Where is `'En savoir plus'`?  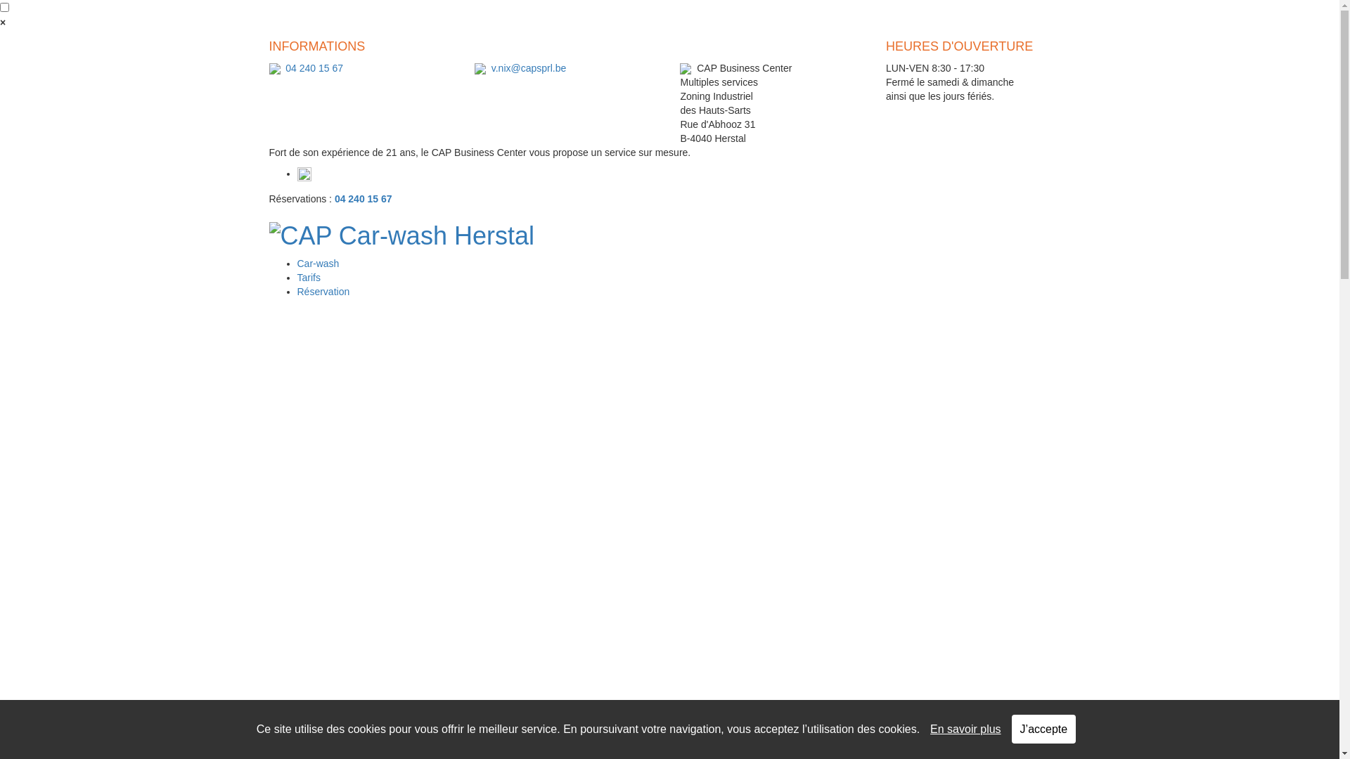
'En savoir plus' is located at coordinates (965, 728).